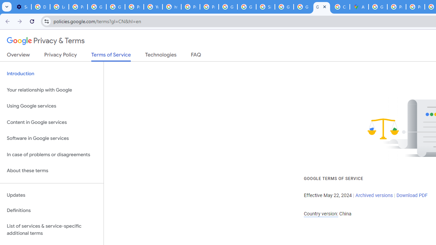  What do you see at coordinates (51, 210) in the screenshot?
I see `'Definitions'` at bounding box center [51, 210].